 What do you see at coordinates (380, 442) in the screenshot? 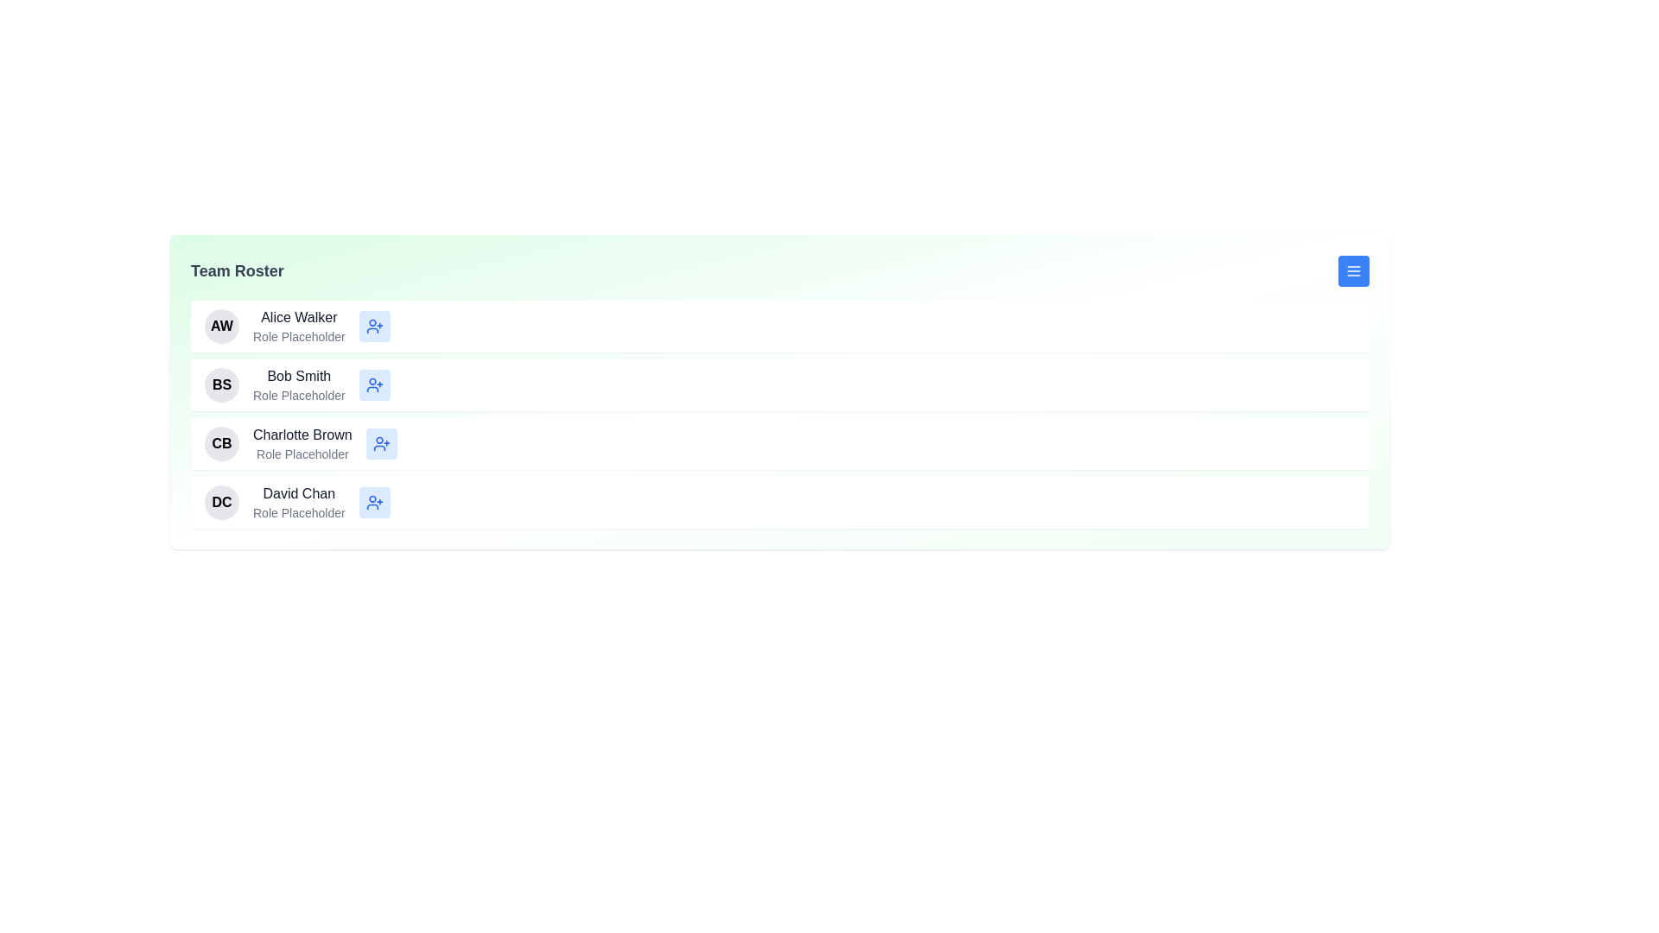
I see `the button next to 'Charlotte Brown' in the third row` at bounding box center [380, 442].